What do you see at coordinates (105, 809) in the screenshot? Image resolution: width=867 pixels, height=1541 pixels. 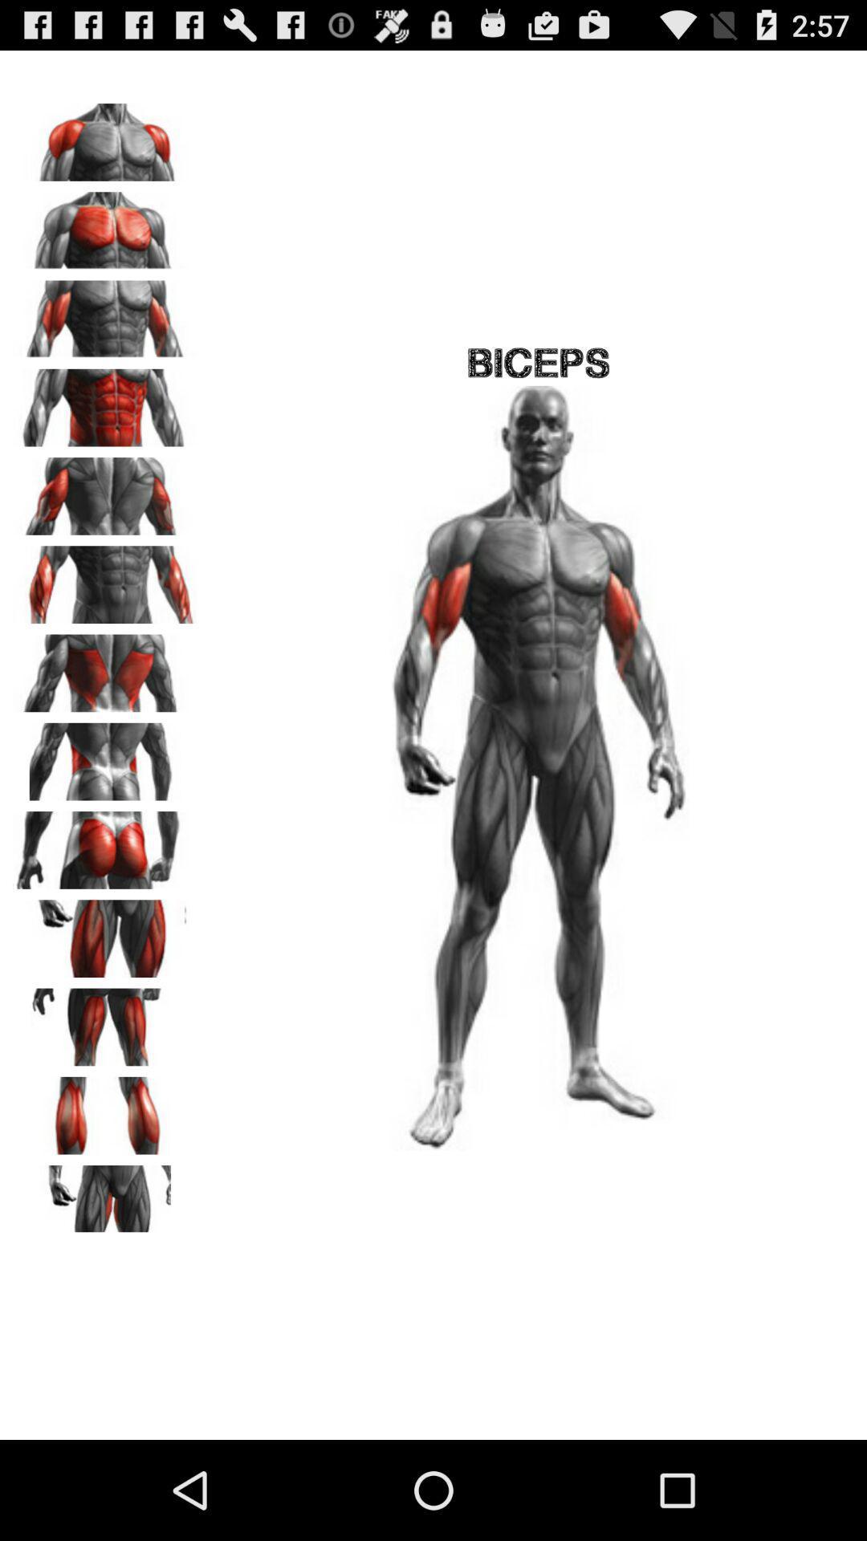 I see `the pause icon` at bounding box center [105, 809].